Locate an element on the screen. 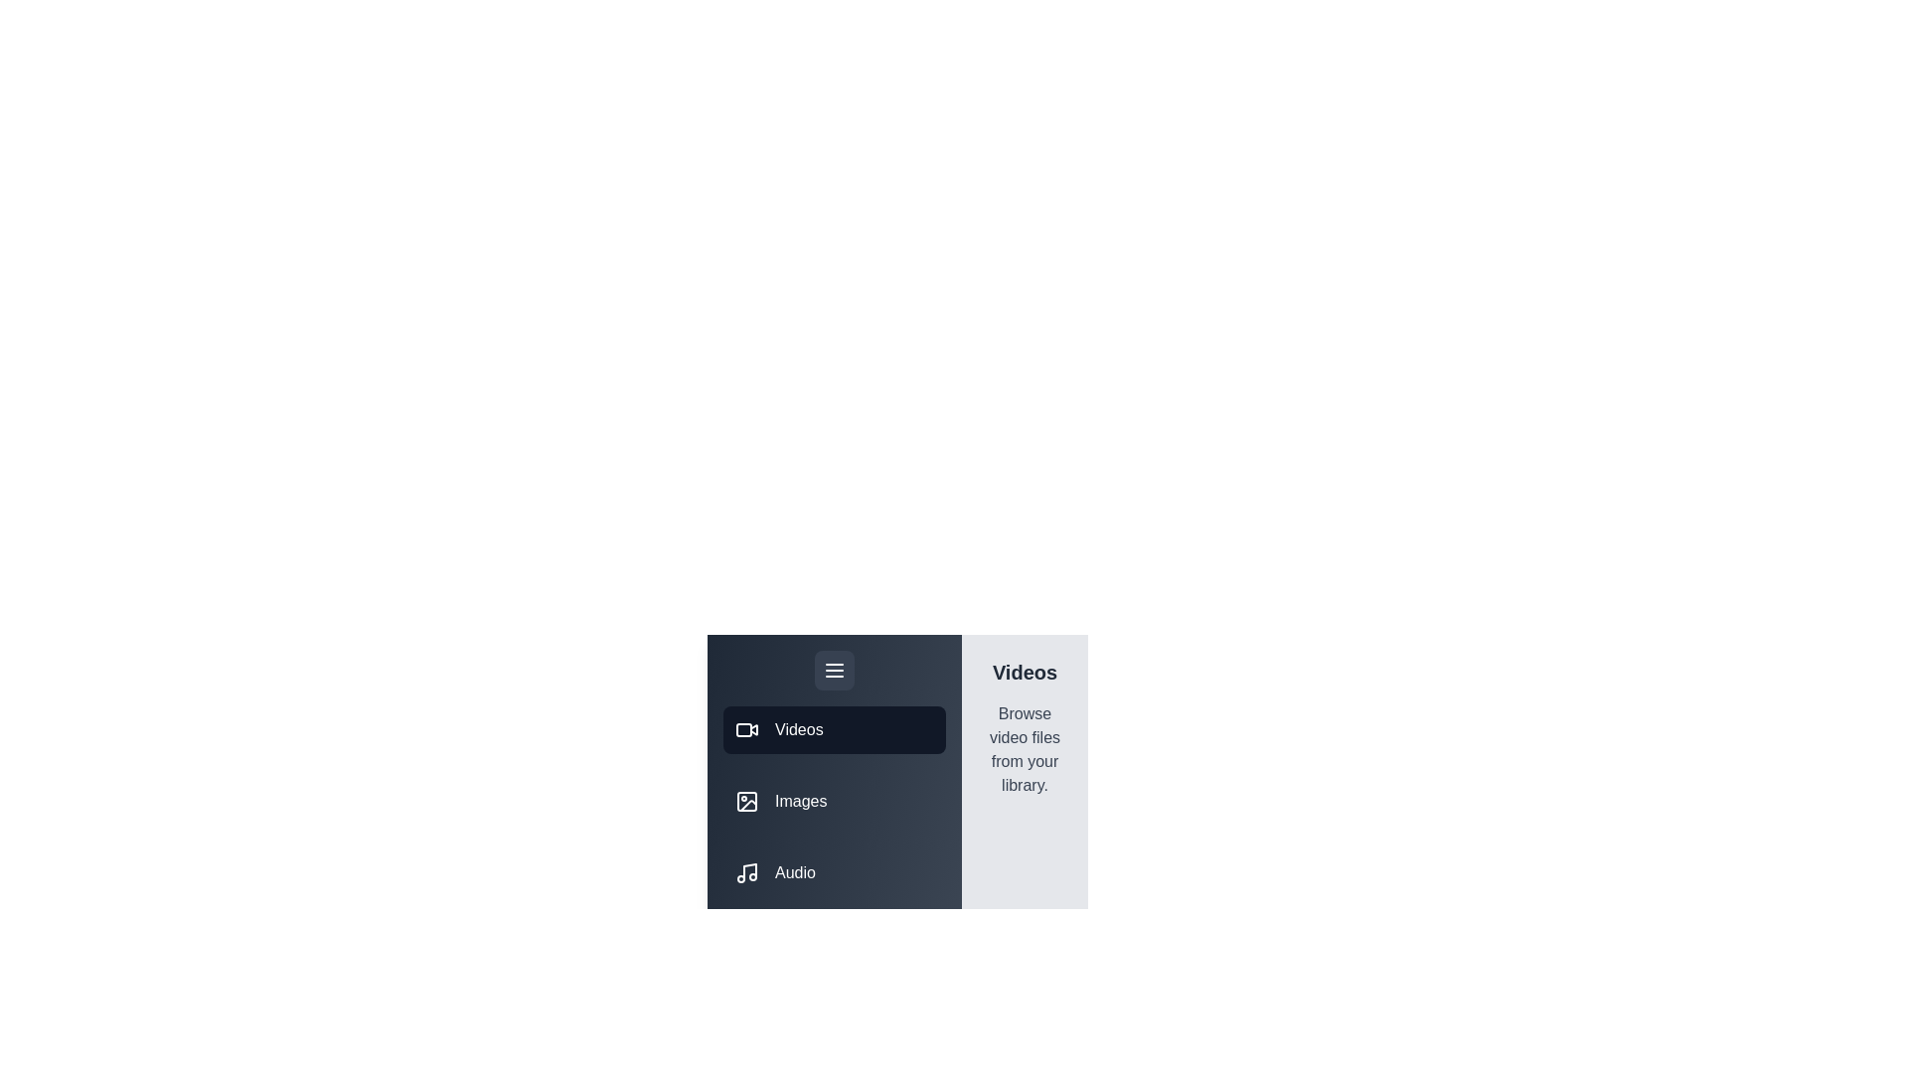 This screenshot has width=1908, height=1073. the media option Videos to preview its highlight state is located at coordinates (835, 730).